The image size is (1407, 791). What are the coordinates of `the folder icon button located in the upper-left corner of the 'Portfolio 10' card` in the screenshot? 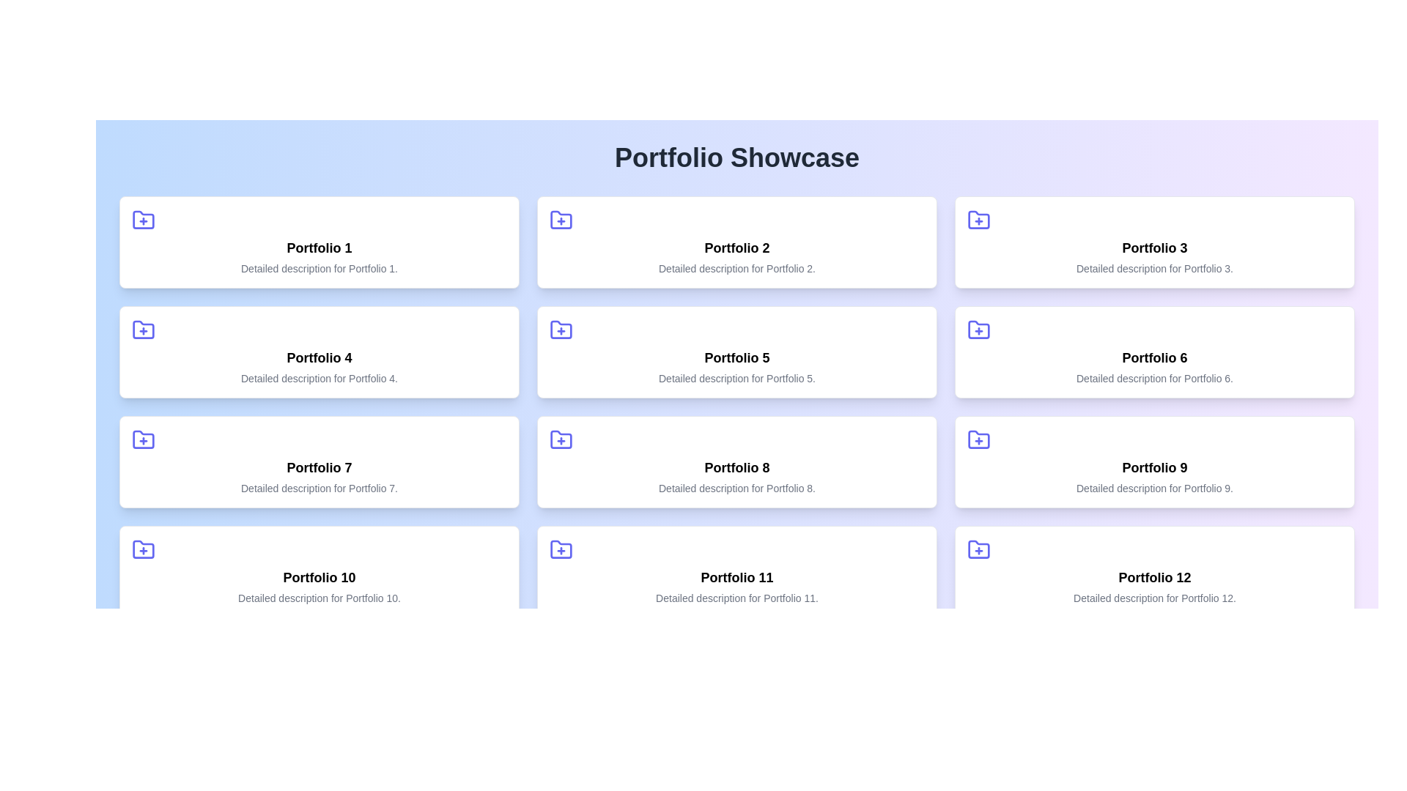 It's located at (144, 550).